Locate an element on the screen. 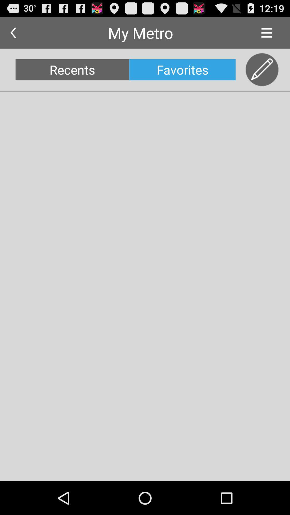 The image size is (290, 515). icon next to the my metro item is located at coordinates (266, 32).